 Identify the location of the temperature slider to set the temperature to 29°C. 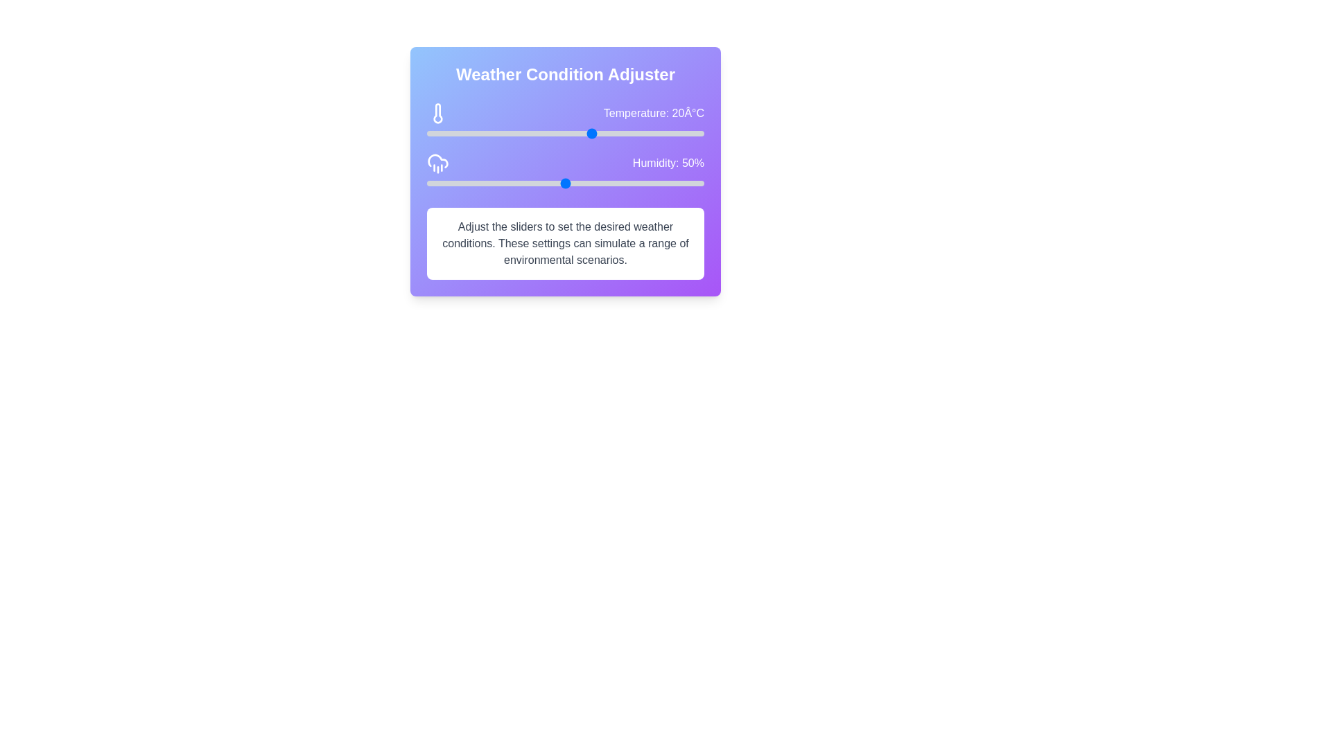
(642, 133).